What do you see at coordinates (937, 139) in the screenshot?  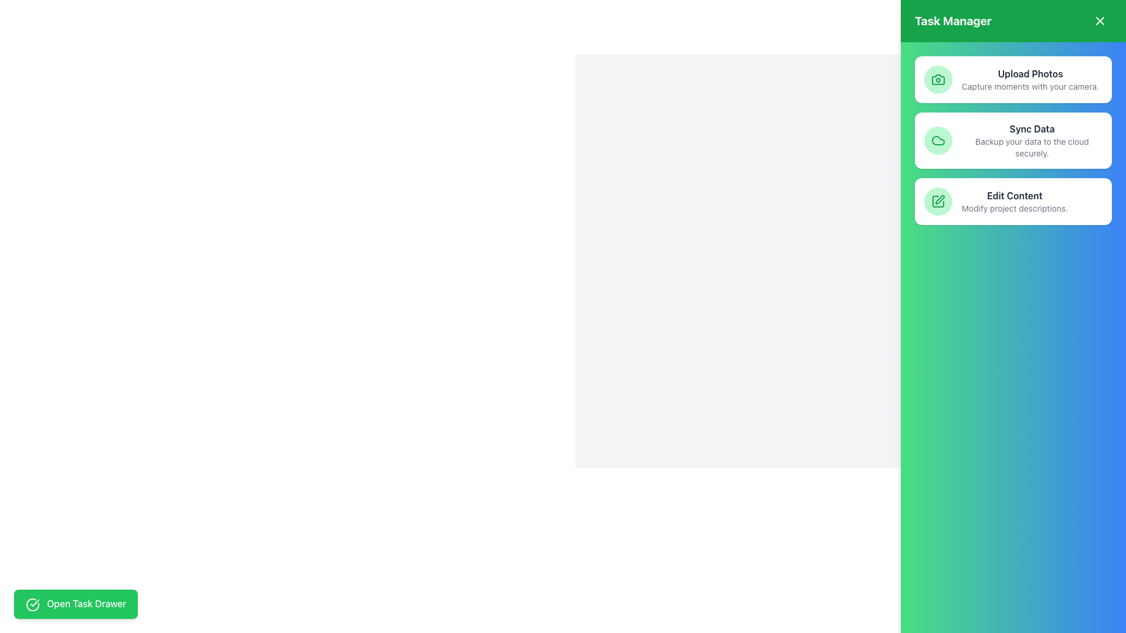 I see `the cloud synchronization icon located to the left of the 'Sync Data' text and its description in the right panel of the interface` at bounding box center [937, 139].